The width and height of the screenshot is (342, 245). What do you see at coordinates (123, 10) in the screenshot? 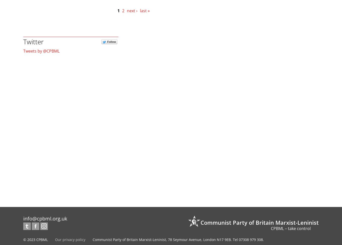
I see `'2'` at bounding box center [123, 10].